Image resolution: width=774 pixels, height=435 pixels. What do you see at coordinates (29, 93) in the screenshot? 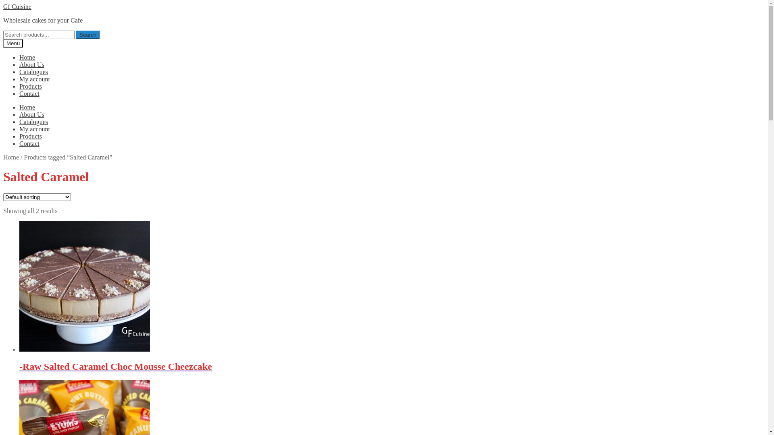
I see `'Contact'` at bounding box center [29, 93].